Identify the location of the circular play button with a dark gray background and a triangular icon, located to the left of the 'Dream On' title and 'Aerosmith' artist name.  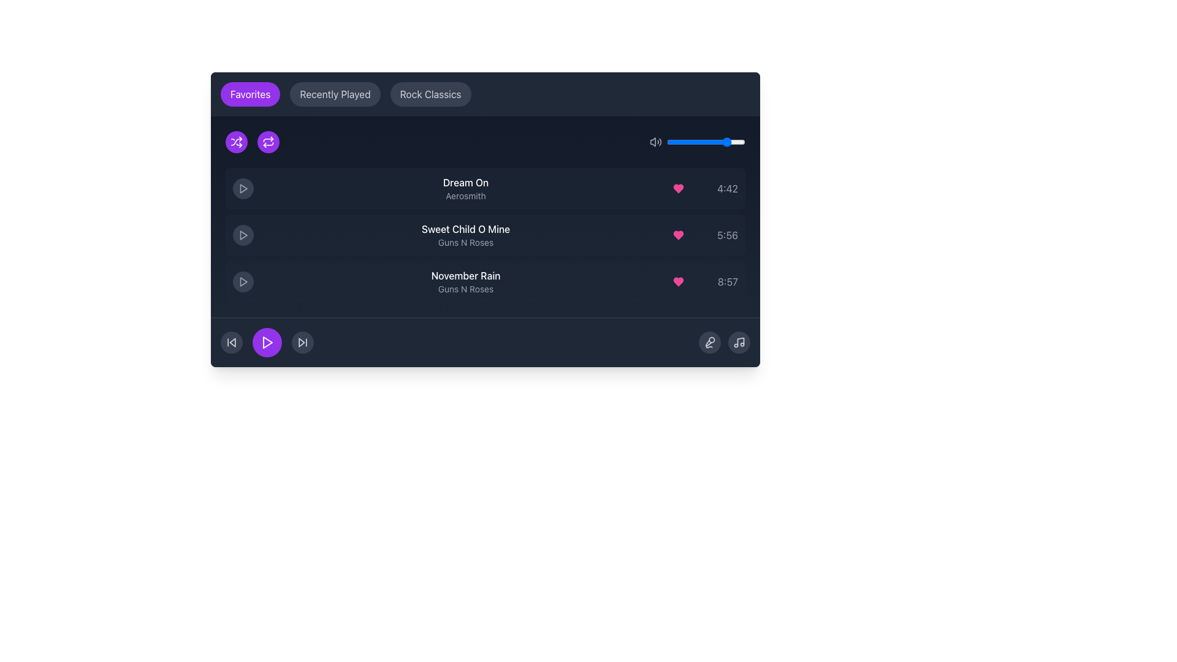
(243, 189).